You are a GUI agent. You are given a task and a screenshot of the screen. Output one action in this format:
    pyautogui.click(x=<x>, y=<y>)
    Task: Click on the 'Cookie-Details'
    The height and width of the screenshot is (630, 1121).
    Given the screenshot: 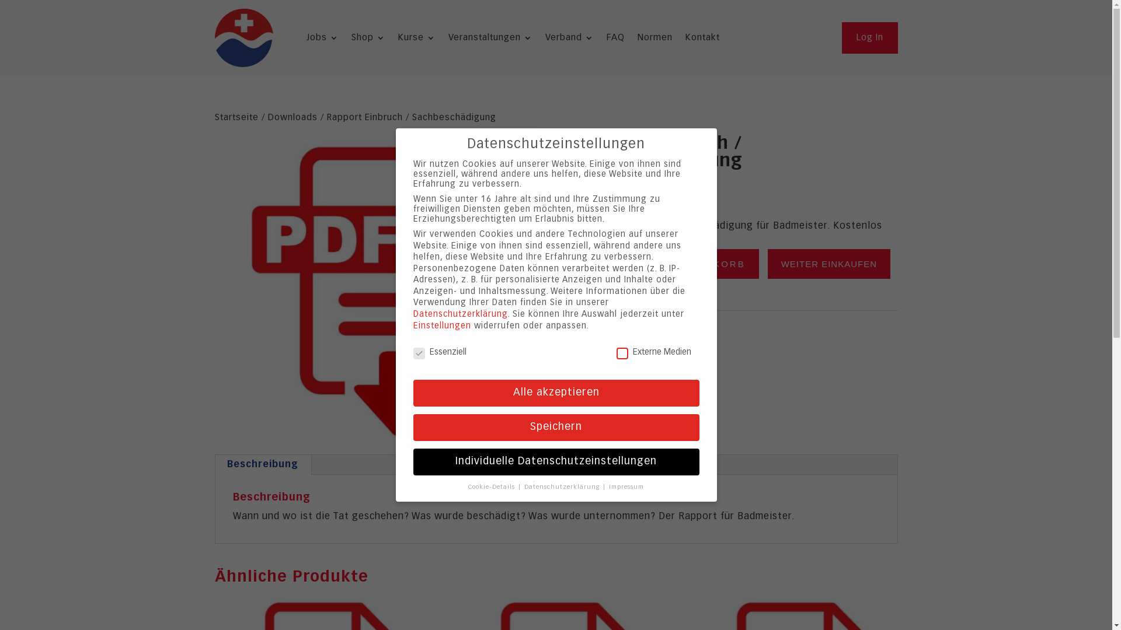 What is the action you would take?
    pyautogui.click(x=493, y=487)
    